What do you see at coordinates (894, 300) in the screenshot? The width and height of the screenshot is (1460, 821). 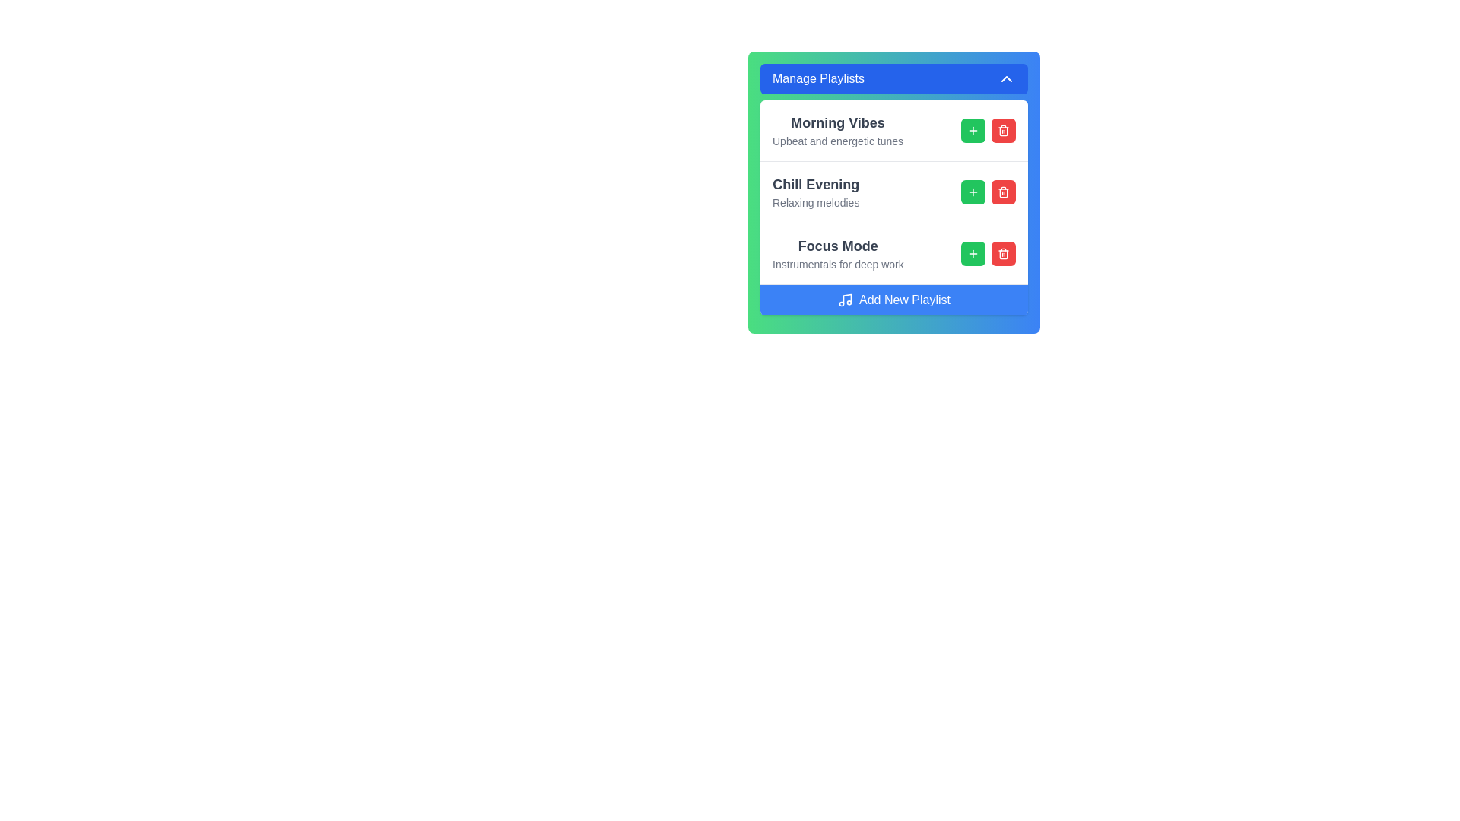 I see `the blue rectangular button with rounded corners labeled 'Add New Playlist' at the bottom of the playlist card` at bounding box center [894, 300].